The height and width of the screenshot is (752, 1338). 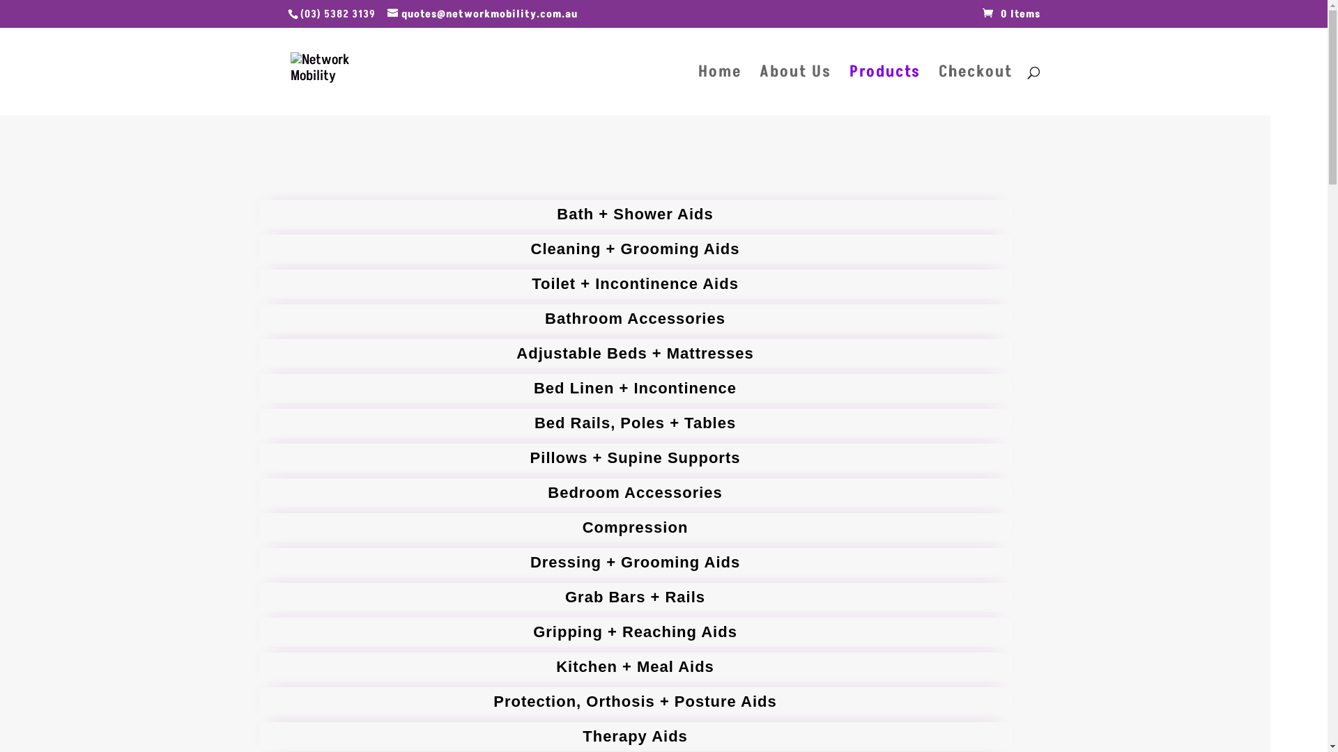 I want to click on 'Compression', so click(x=635, y=528).